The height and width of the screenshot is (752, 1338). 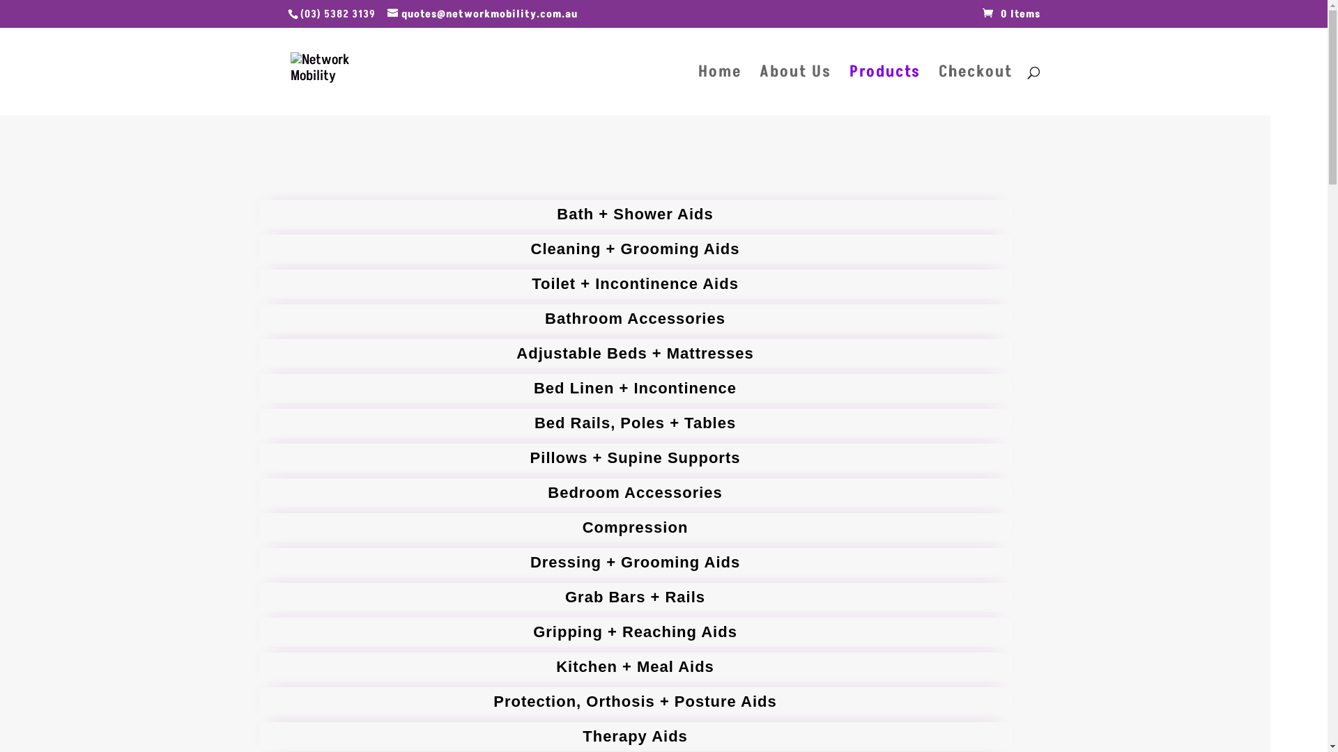 I want to click on 'Compression', so click(x=635, y=528).